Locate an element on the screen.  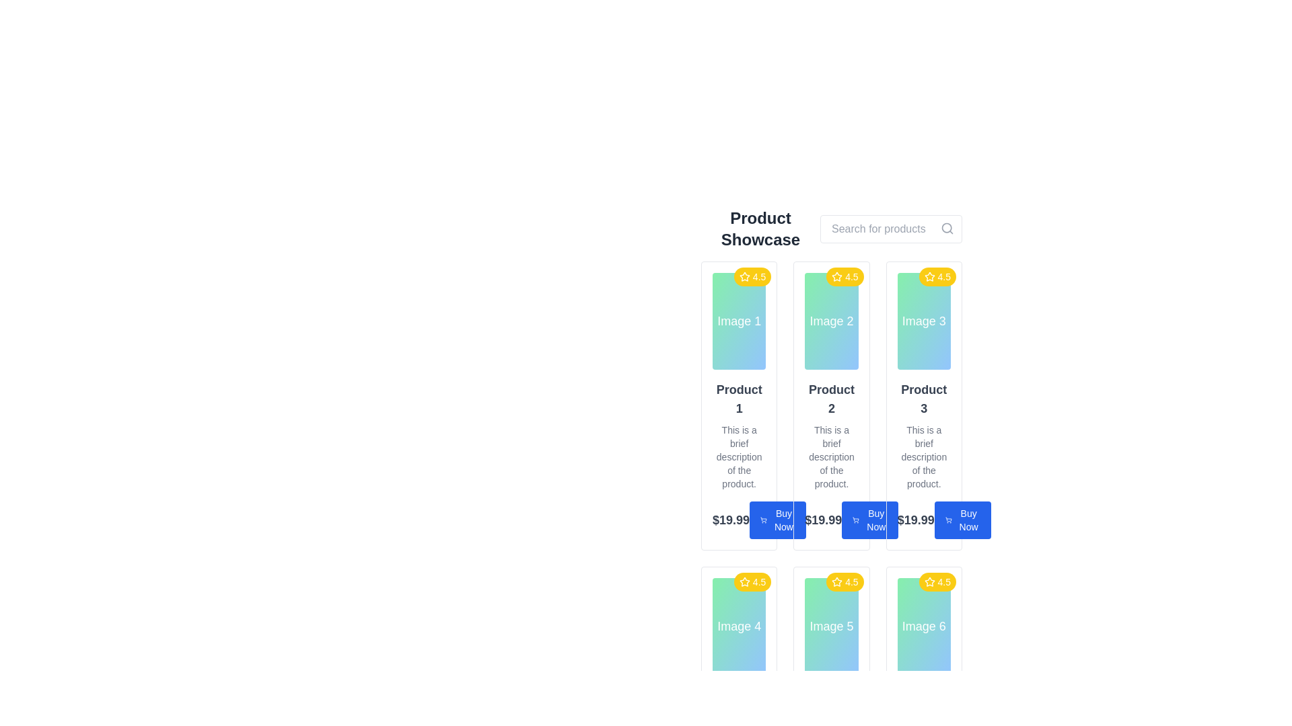
the small circular shape representing the lens of the magnifying glass icon located in the top-right corner of the interface, which is part of the search functionality is located at coordinates (946, 227).